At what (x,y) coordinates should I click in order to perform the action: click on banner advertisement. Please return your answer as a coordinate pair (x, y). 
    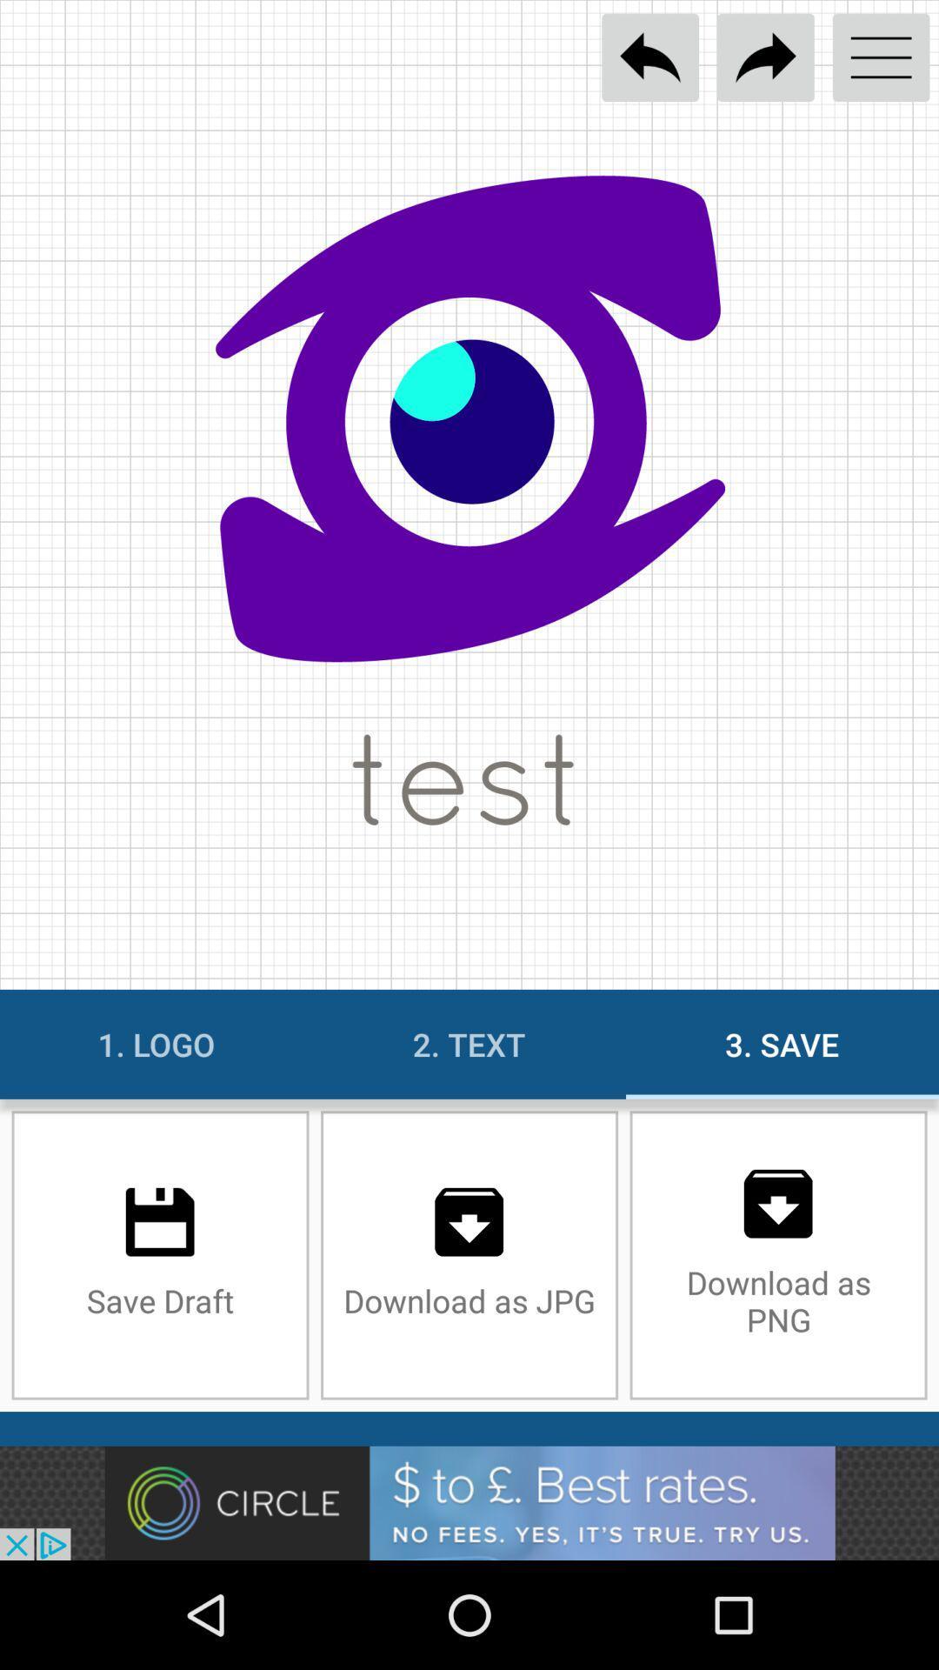
    Looking at the image, I should click on (469, 1502).